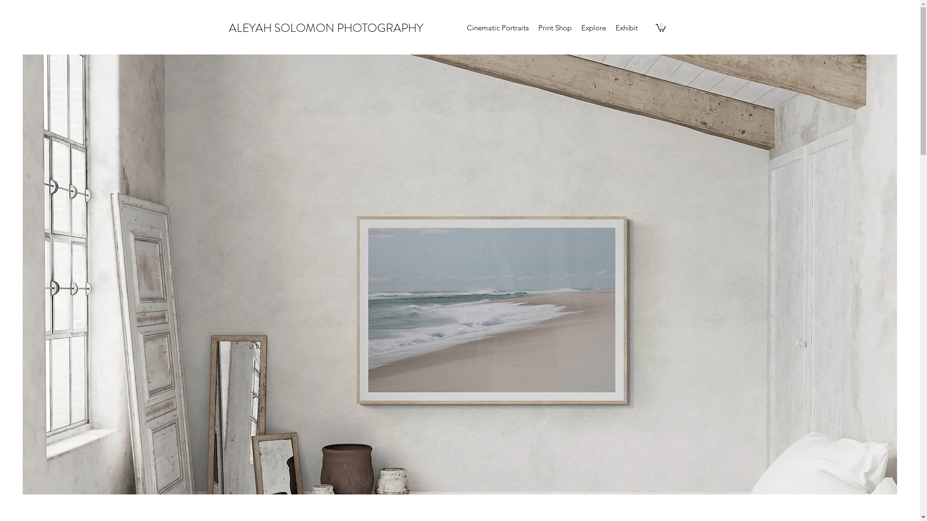 The width and height of the screenshot is (927, 521). What do you see at coordinates (593, 27) in the screenshot?
I see `'Explore'` at bounding box center [593, 27].